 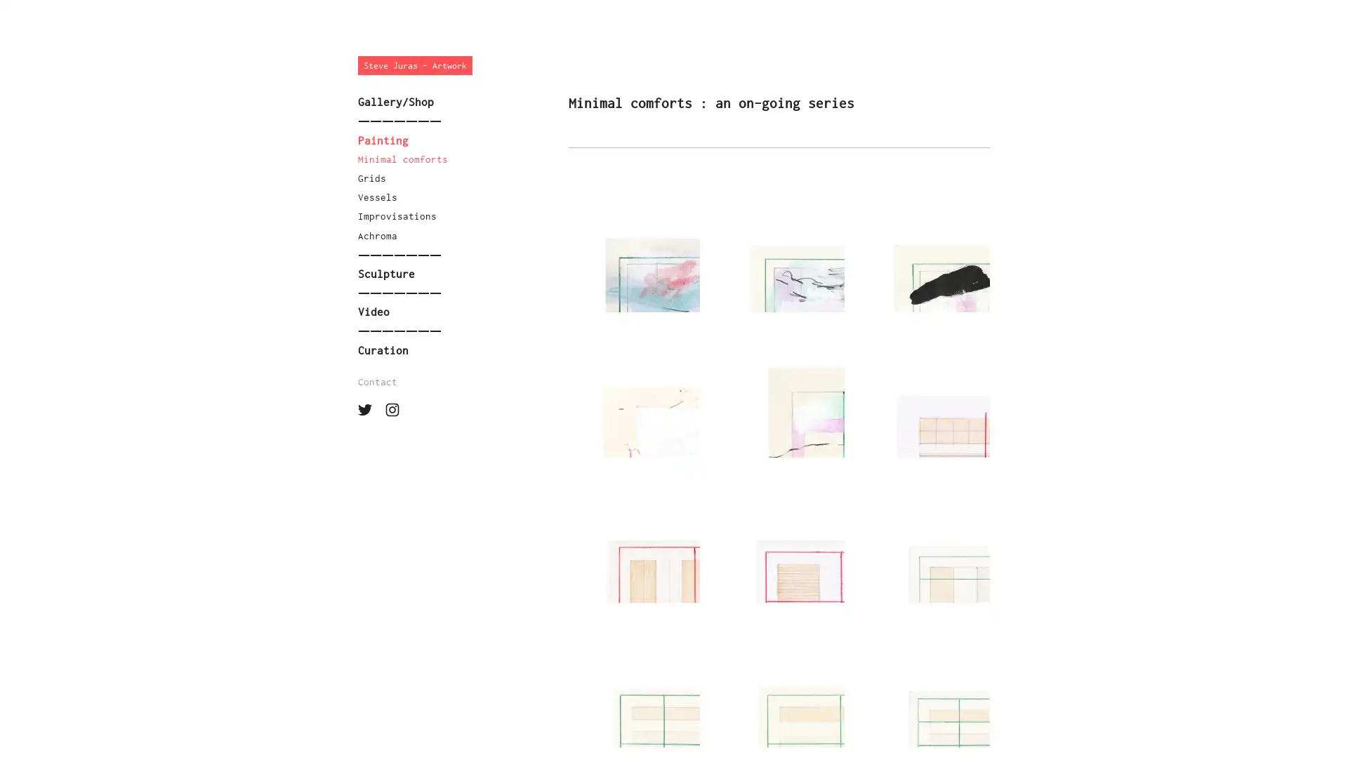 I want to click on View fullsize Pecking order, so click(x=923, y=681).